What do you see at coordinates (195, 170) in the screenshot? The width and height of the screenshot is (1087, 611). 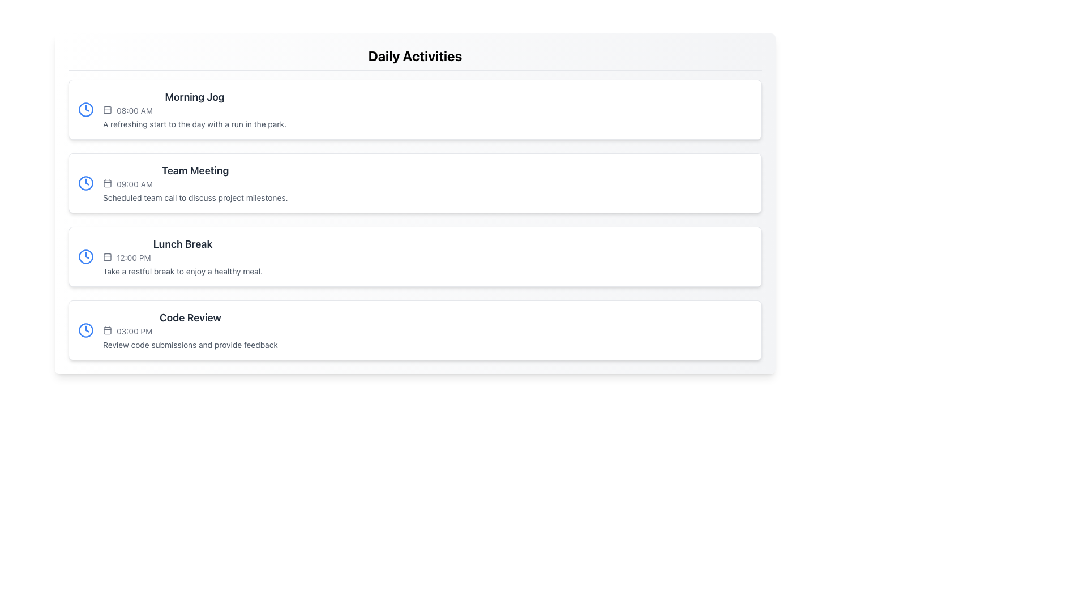 I see `text of the title display for the 'Team Meeting' activity, which is located above the time and description in the activity list` at bounding box center [195, 170].